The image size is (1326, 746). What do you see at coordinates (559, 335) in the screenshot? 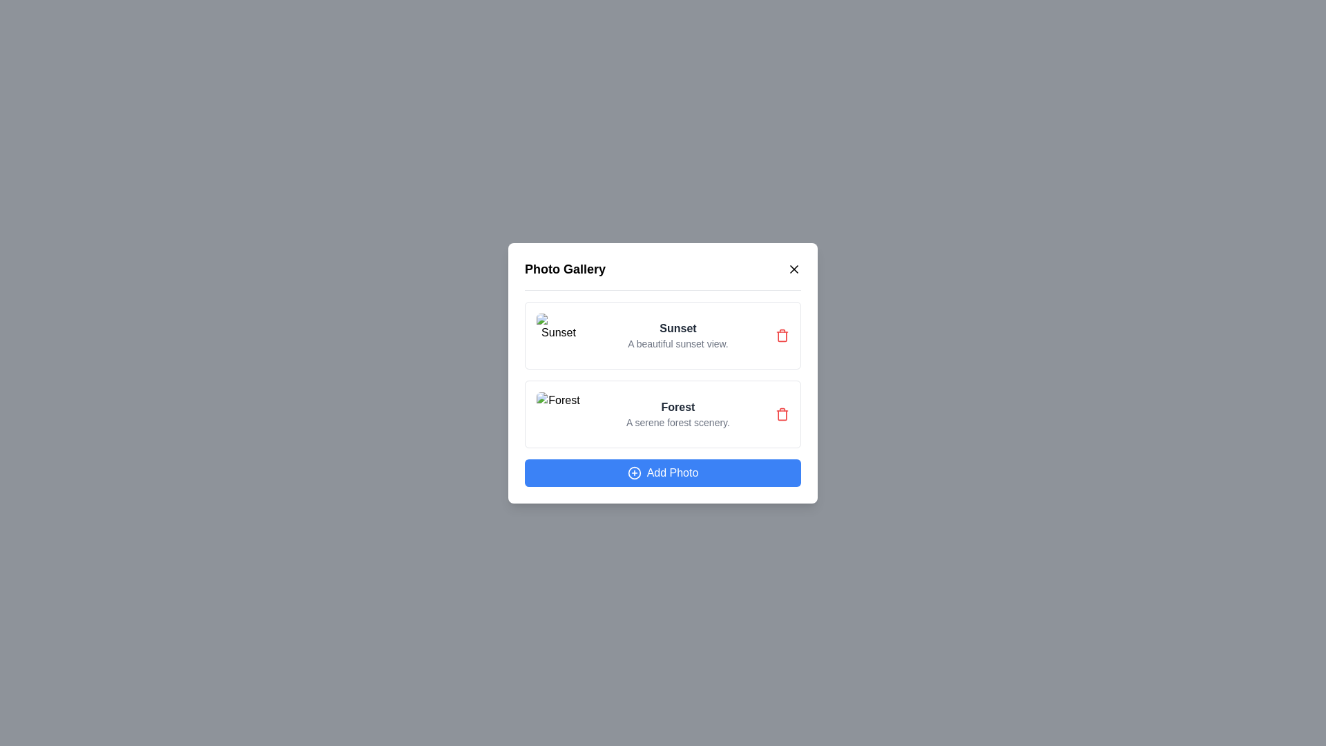
I see `the placeholder image representing a missing or unrendered image with the alt text 'Sunset'` at bounding box center [559, 335].